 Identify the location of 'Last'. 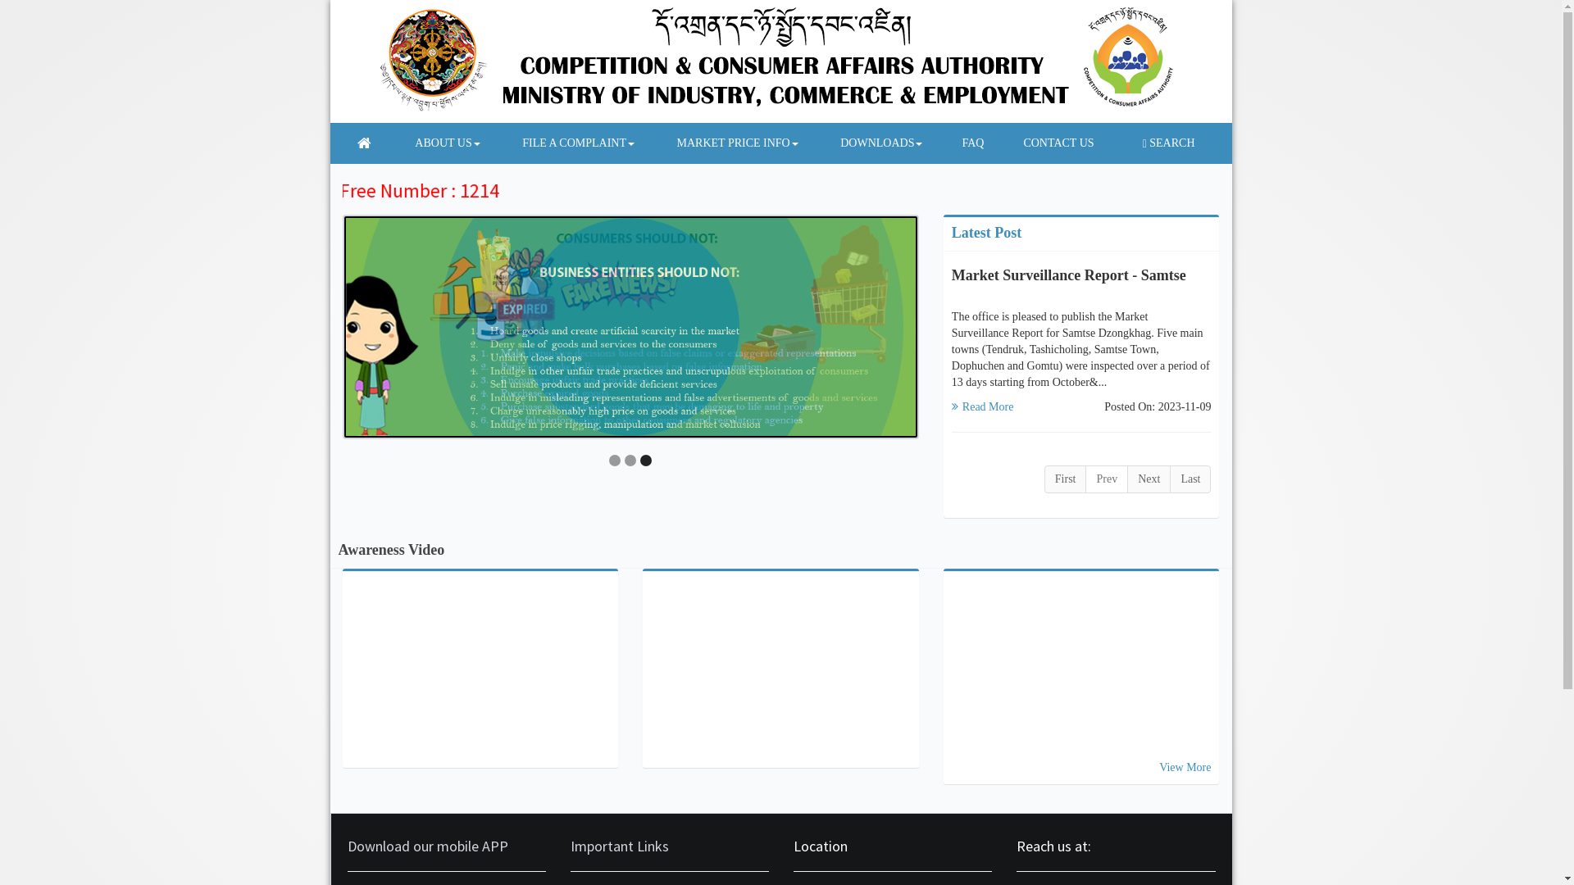
(1190, 479).